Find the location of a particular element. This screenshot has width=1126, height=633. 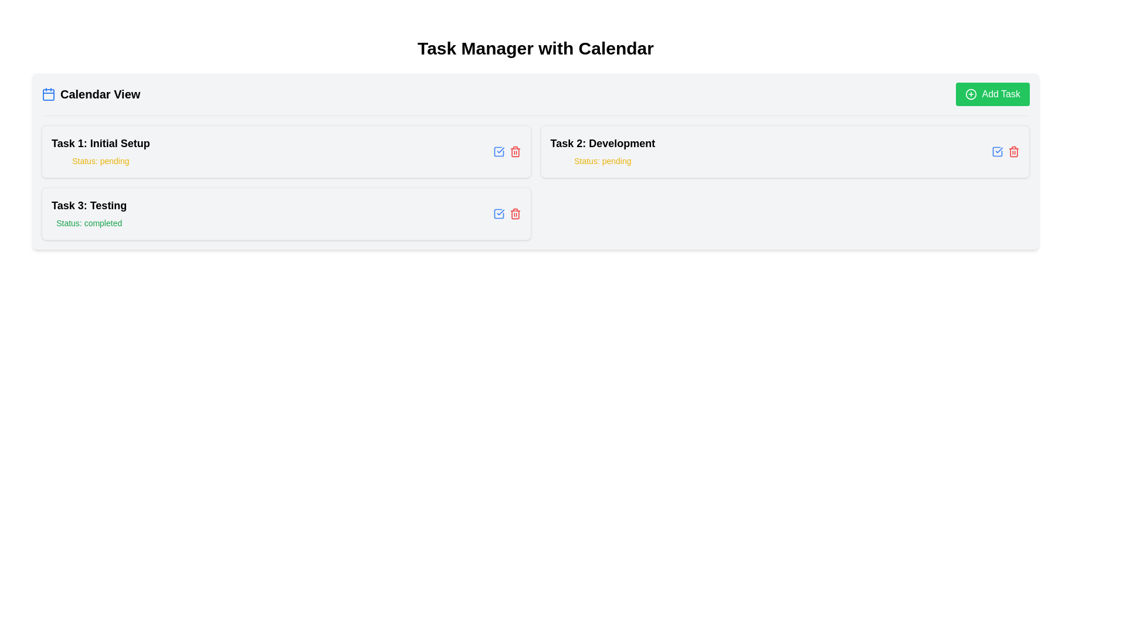

the checkbox icon located within the action controls of 'Task 3: Testing' is located at coordinates (498, 151).